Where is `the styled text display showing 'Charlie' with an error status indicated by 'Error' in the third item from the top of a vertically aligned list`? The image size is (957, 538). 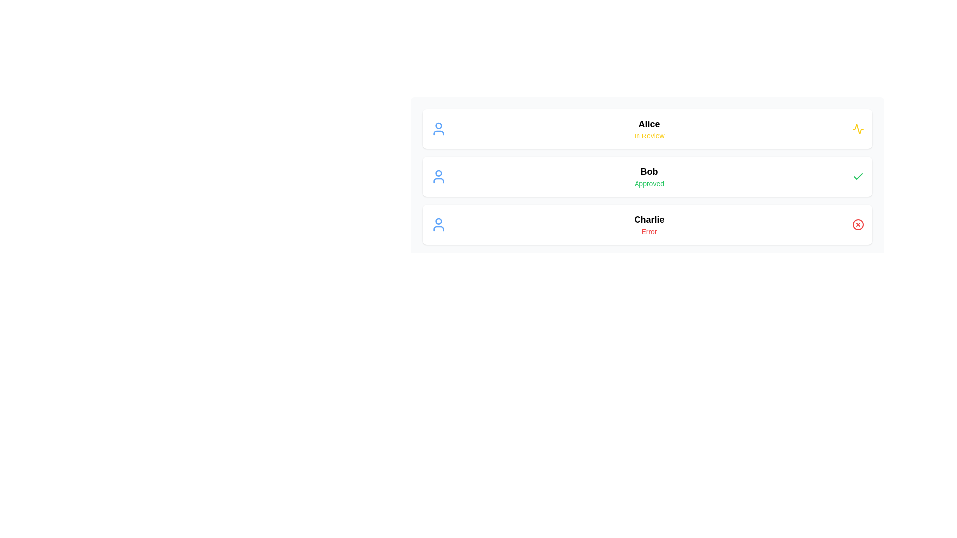 the styled text display showing 'Charlie' with an error status indicated by 'Error' in the third item from the top of a vertically aligned list is located at coordinates (649, 225).